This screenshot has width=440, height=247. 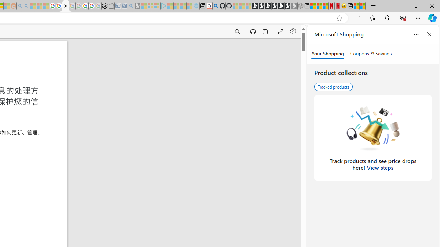 What do you see at coordinates (26, 6) in the screenshot?
I see `'Utah sues federal government - Search - Sleeping'` at bounding box center [26, 6].